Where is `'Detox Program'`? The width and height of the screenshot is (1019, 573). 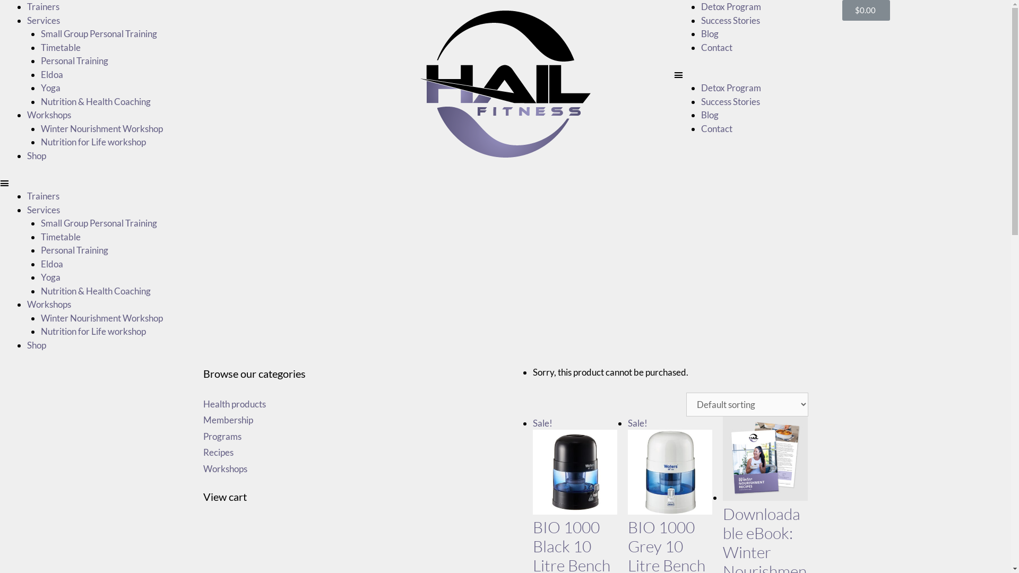
'Detox Program' is located at coordinates (730, 6).